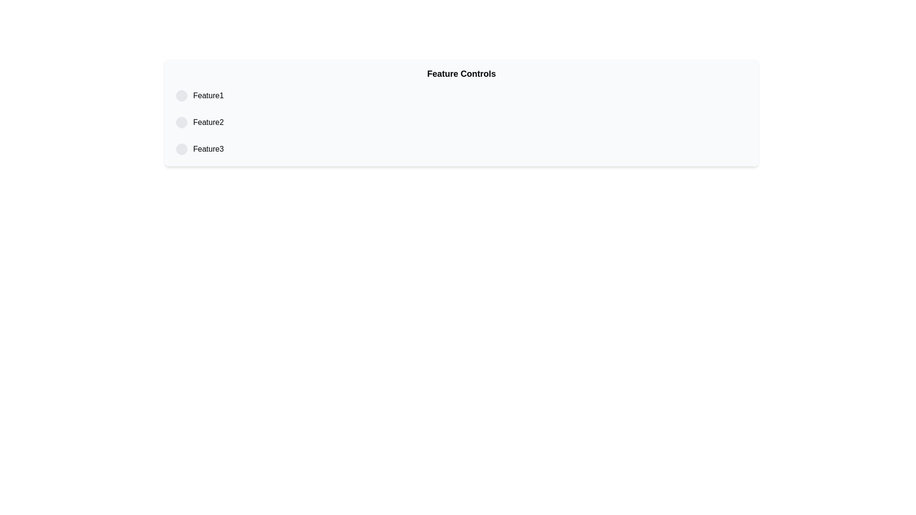 The height and width of the screenshot is (515, 916). Describe the element at coordinates (181, 122) in the screenshot. I see `the radio button for 'Feature2'` at that location.